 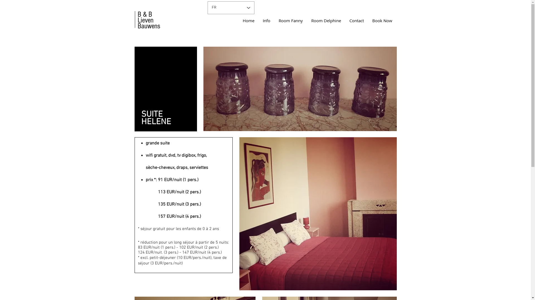 I want to click on 'Contact', so click(x=356, y=20).